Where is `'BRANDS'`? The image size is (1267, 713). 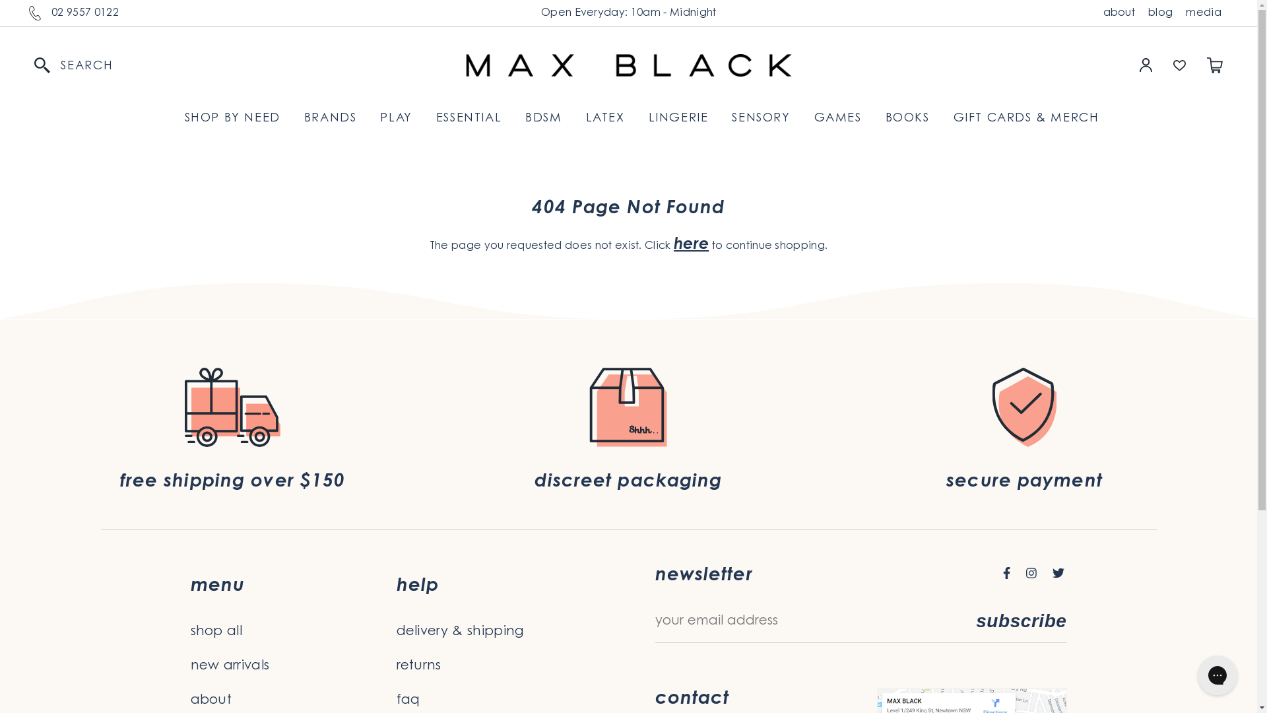
'BRANDS' is located at coordinates (330, 119).